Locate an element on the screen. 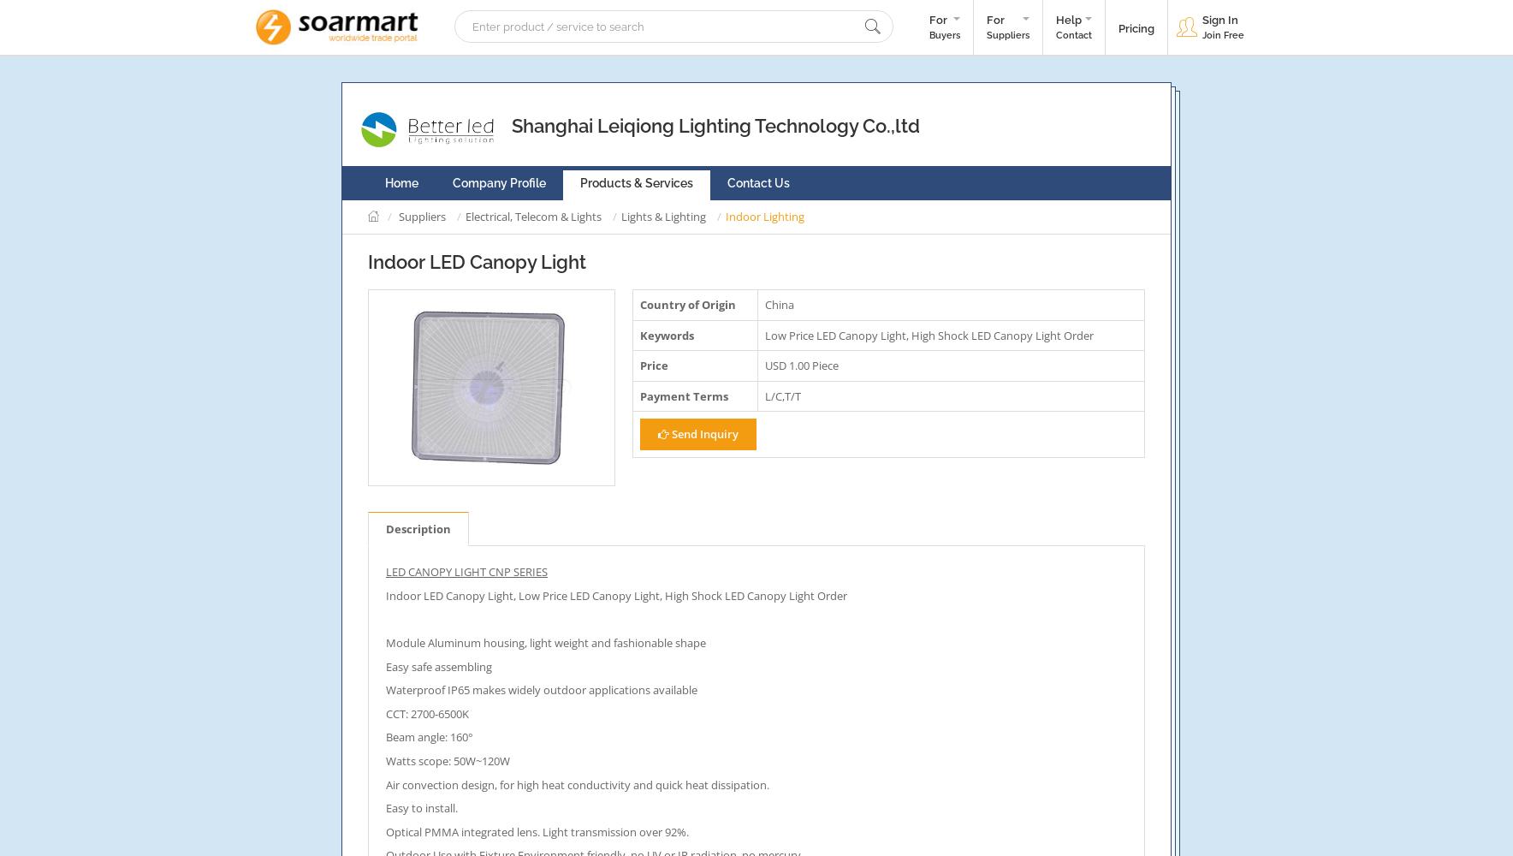  'L/C,T/T' is located at coordinates (781, 395).